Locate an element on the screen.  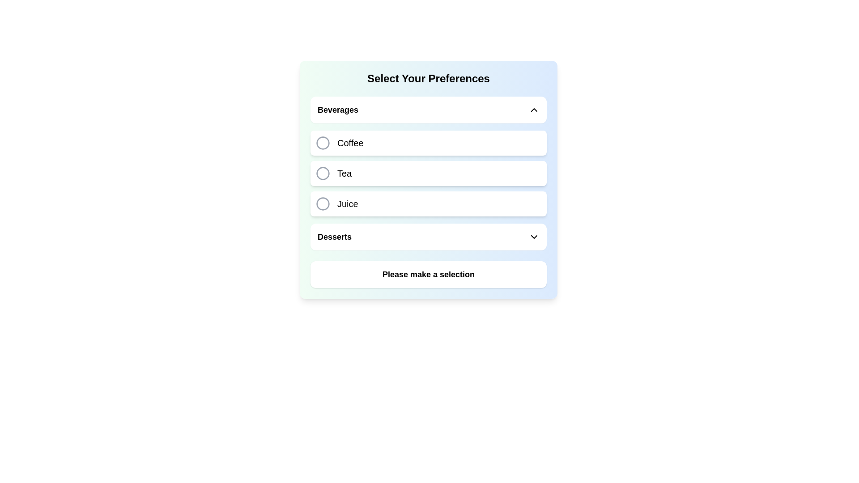
the 'Juice' radio button is located at coordinates (322, 203).